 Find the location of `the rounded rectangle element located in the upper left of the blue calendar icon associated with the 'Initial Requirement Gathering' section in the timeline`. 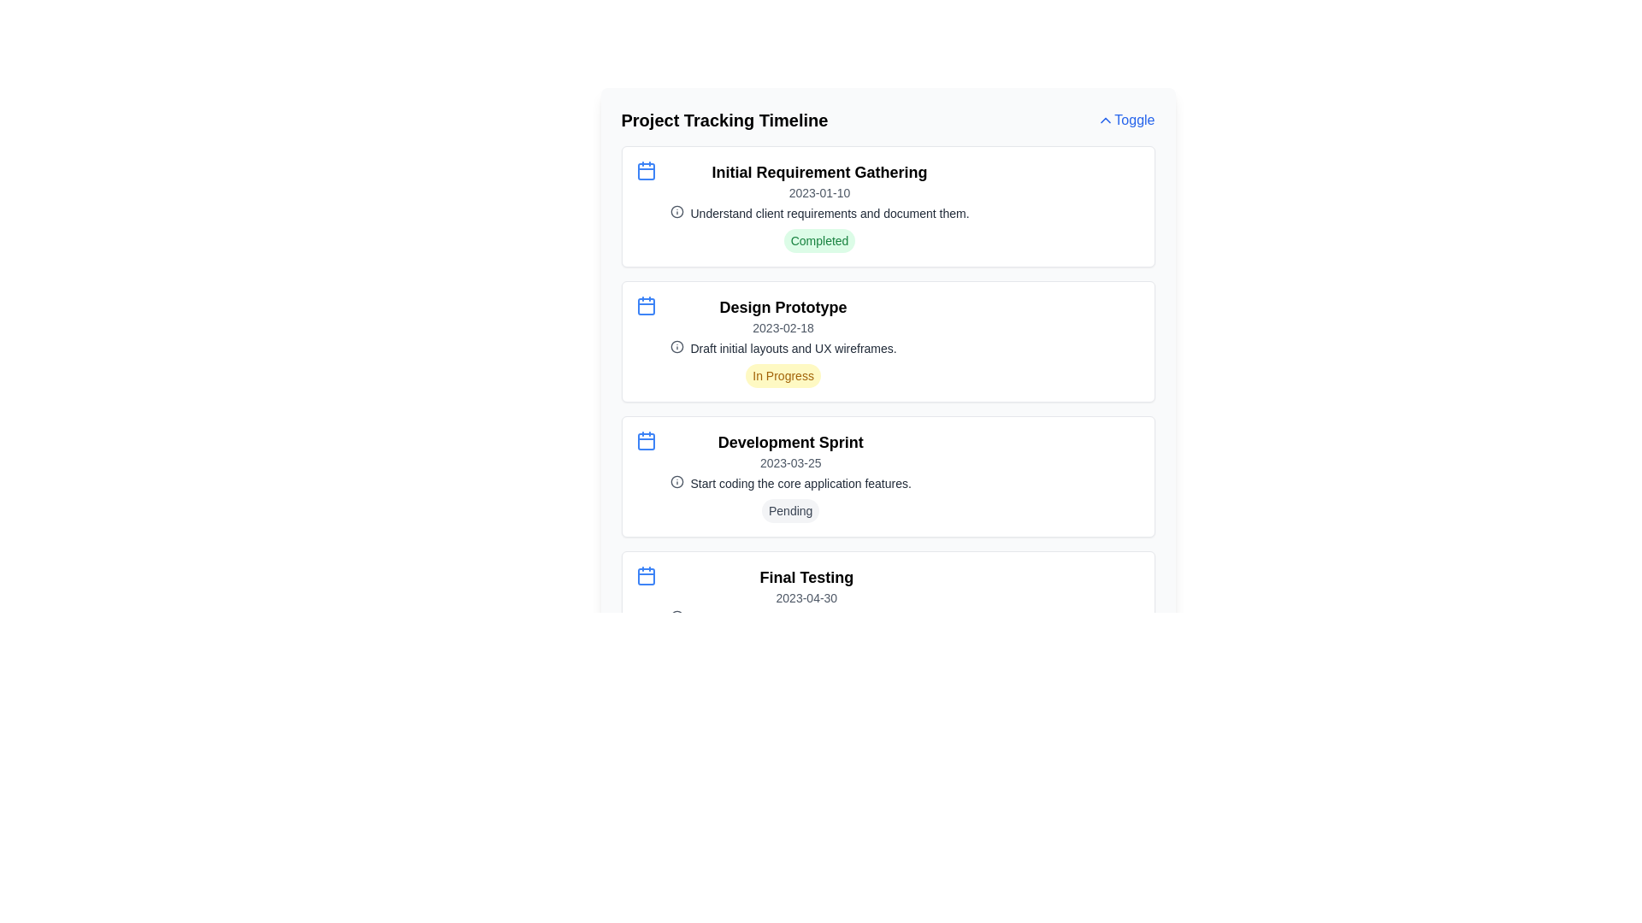

the rounded rectangle element located in the upper left of the blue calendar icon associated with the 'Initial Requirement Gathering' section in the timeline is located at coordinates (645, 171).